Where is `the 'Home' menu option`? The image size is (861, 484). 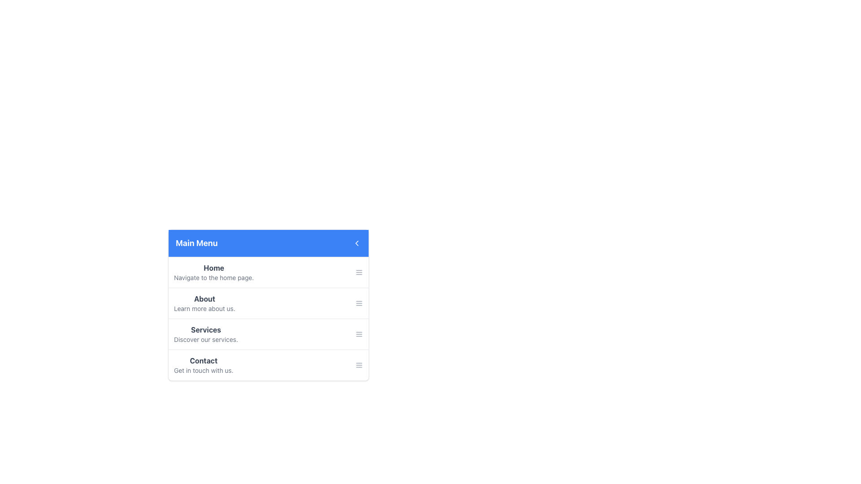
the 'Home' menu option is located at coordinates (213, 272).